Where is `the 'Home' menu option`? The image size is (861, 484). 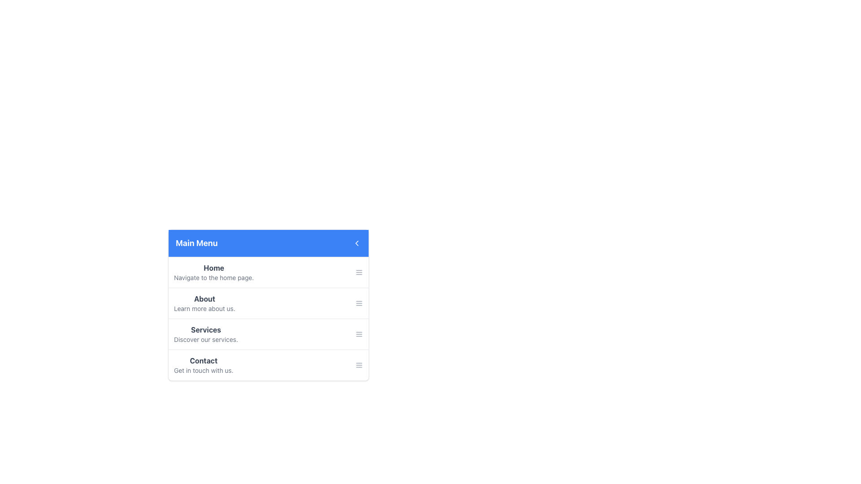
the 'Home' menu option is located at coordinates (213, 272).